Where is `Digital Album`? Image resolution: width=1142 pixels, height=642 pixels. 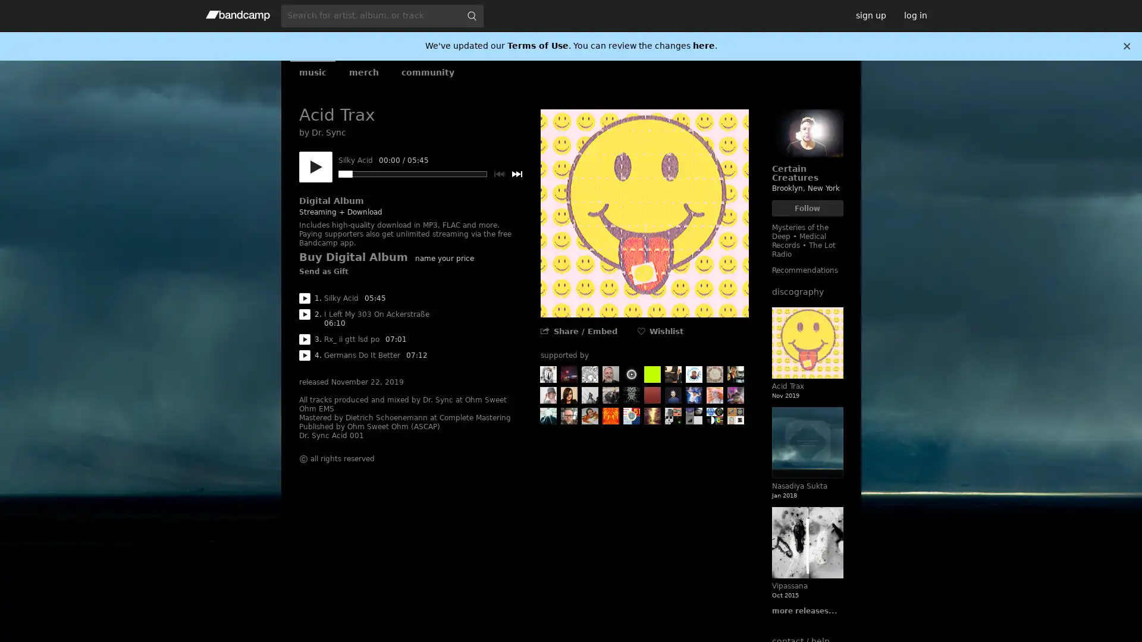
Digital Album is located at coordinates (331, 200).